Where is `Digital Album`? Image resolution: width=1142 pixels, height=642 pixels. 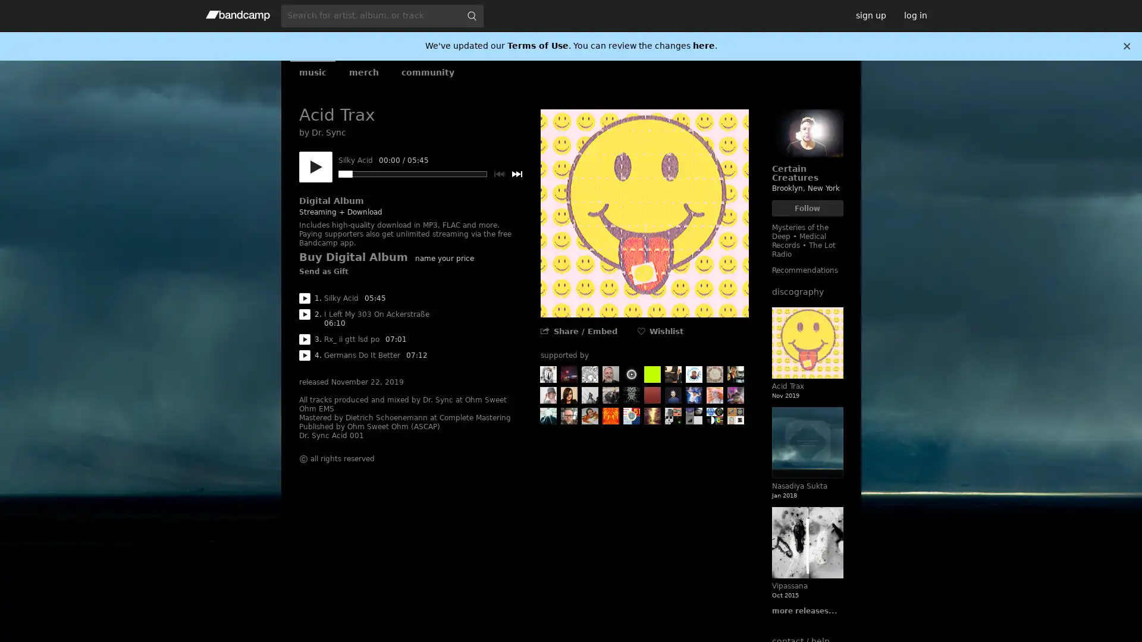
Digital Album is located at coordinates (331, 200).